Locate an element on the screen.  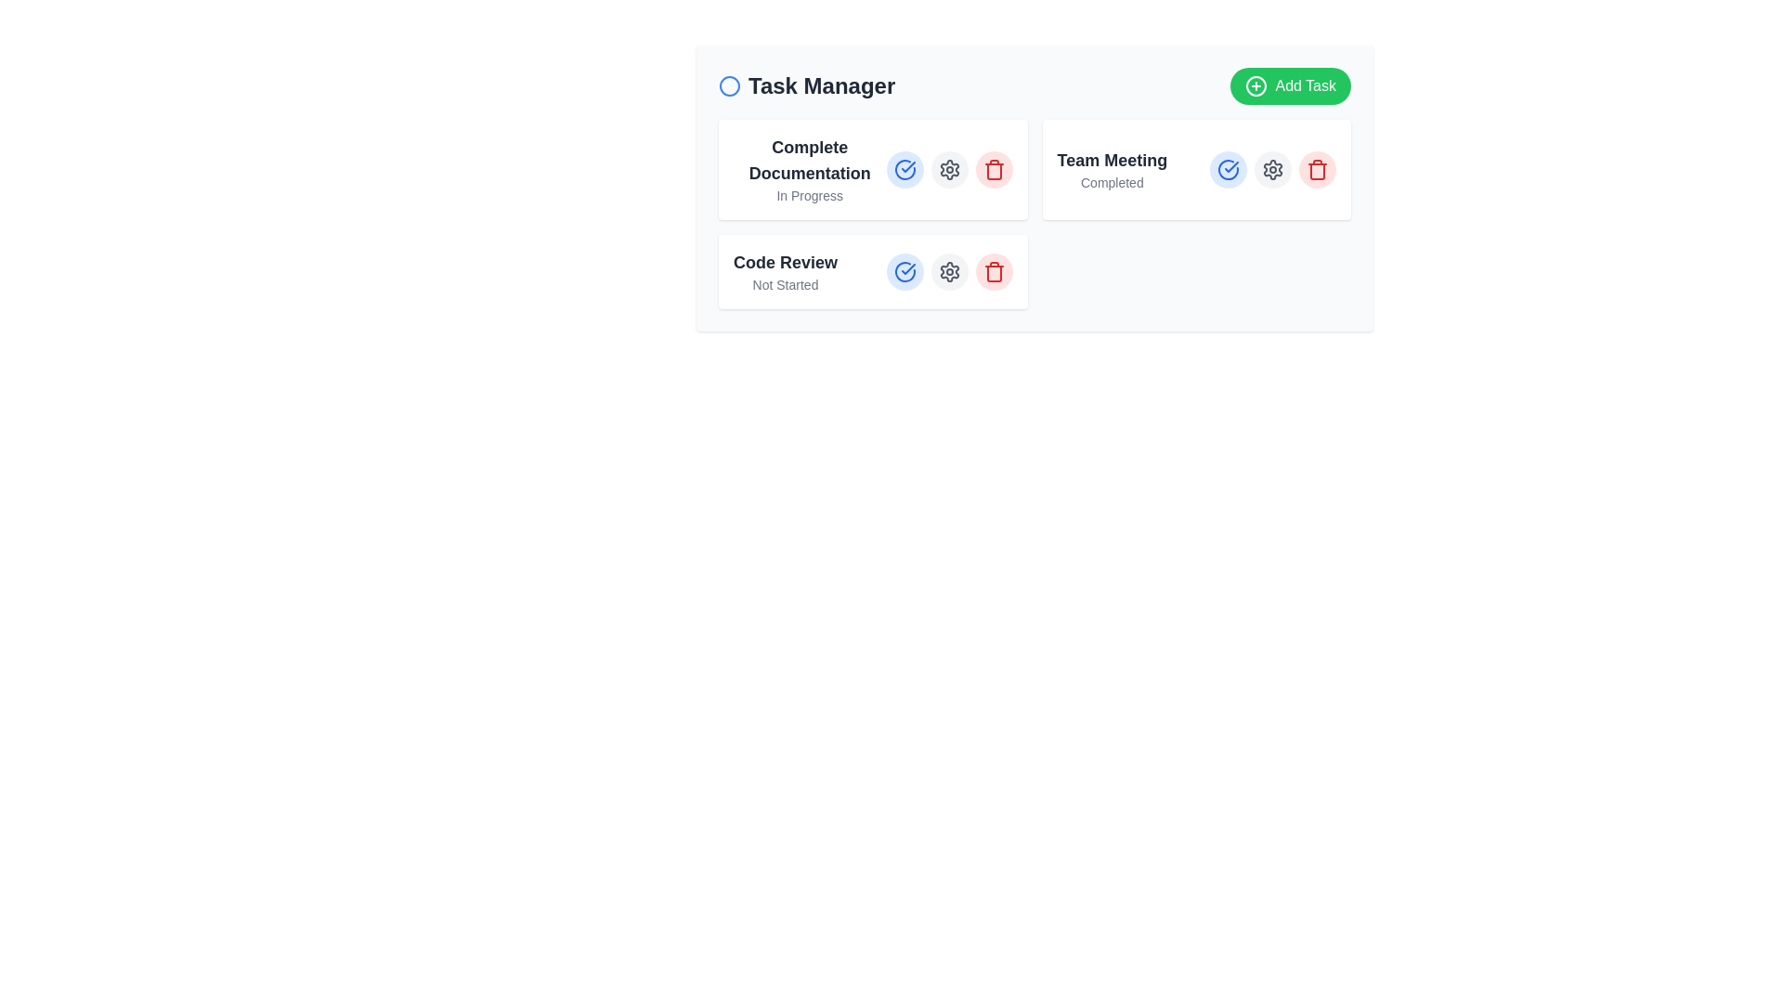
the settings icon located under the task section titled 'Complete Documentation' is located at coordinates (949, 272).